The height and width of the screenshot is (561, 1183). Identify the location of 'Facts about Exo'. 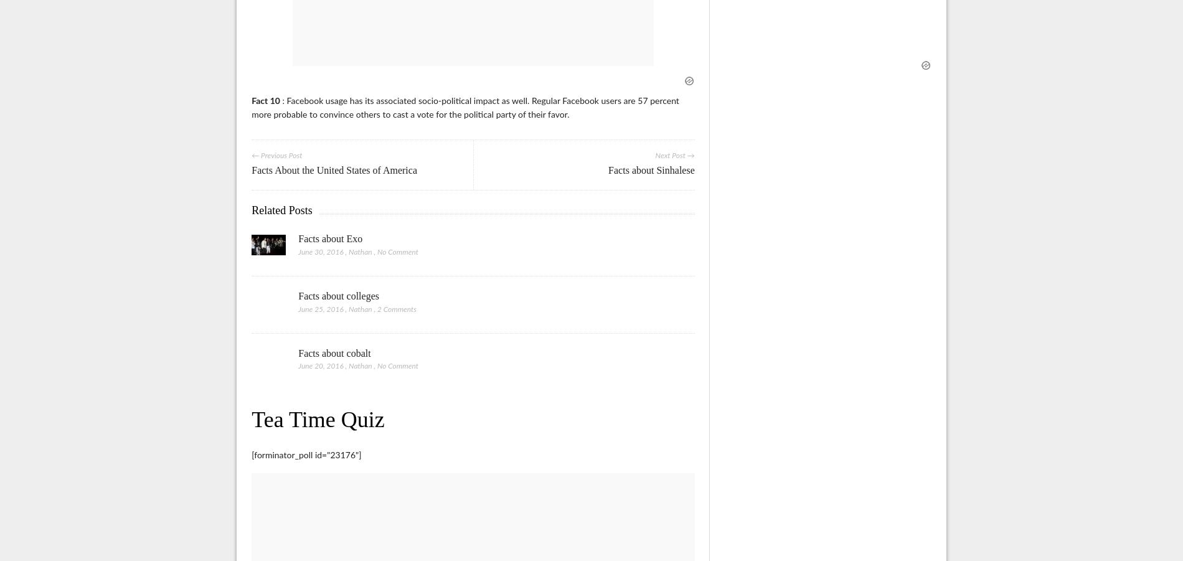
(330, 237).